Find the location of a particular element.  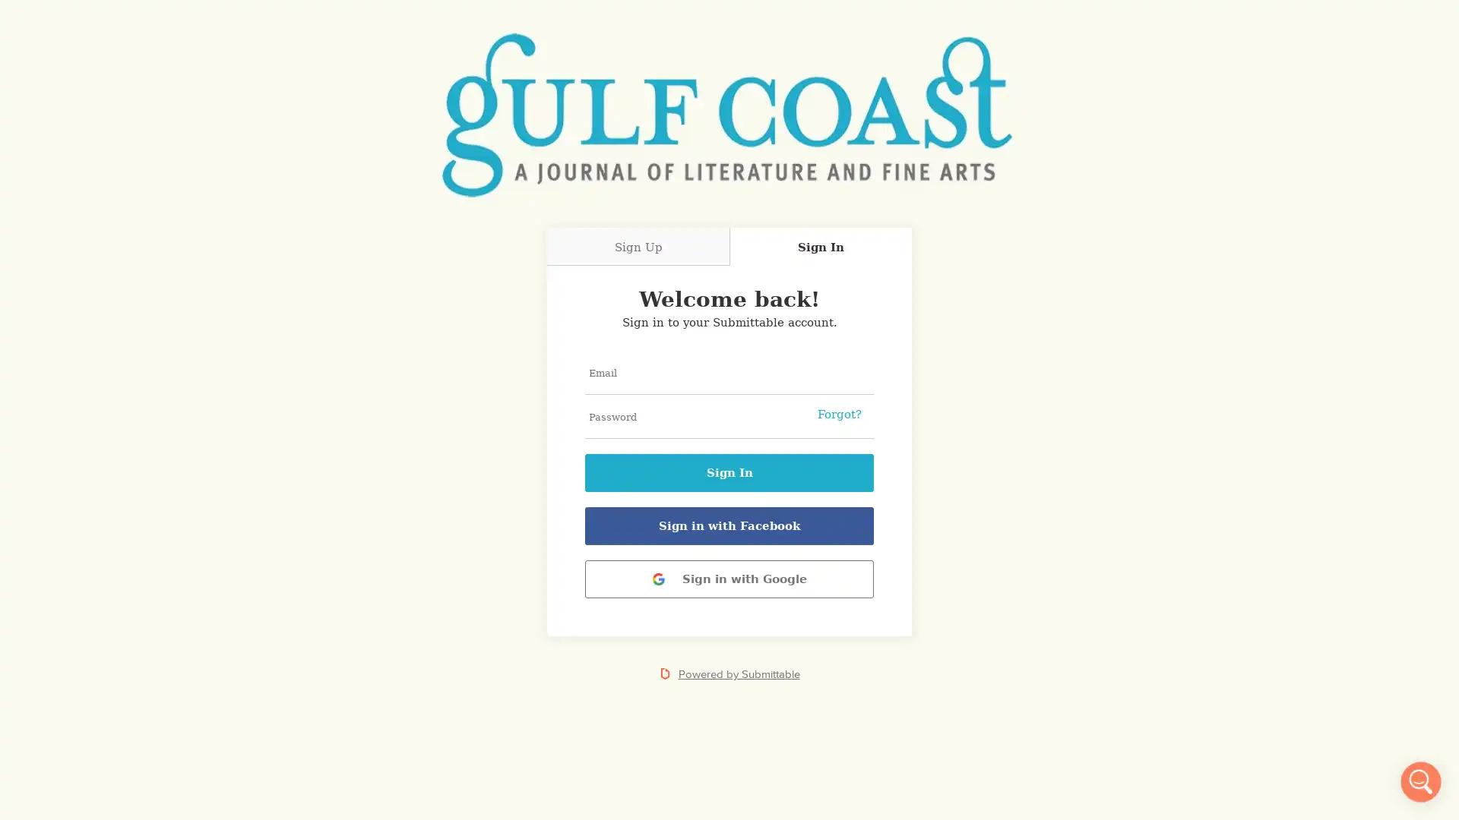

Sign in with Facebook is located at coordinates (729, 525).